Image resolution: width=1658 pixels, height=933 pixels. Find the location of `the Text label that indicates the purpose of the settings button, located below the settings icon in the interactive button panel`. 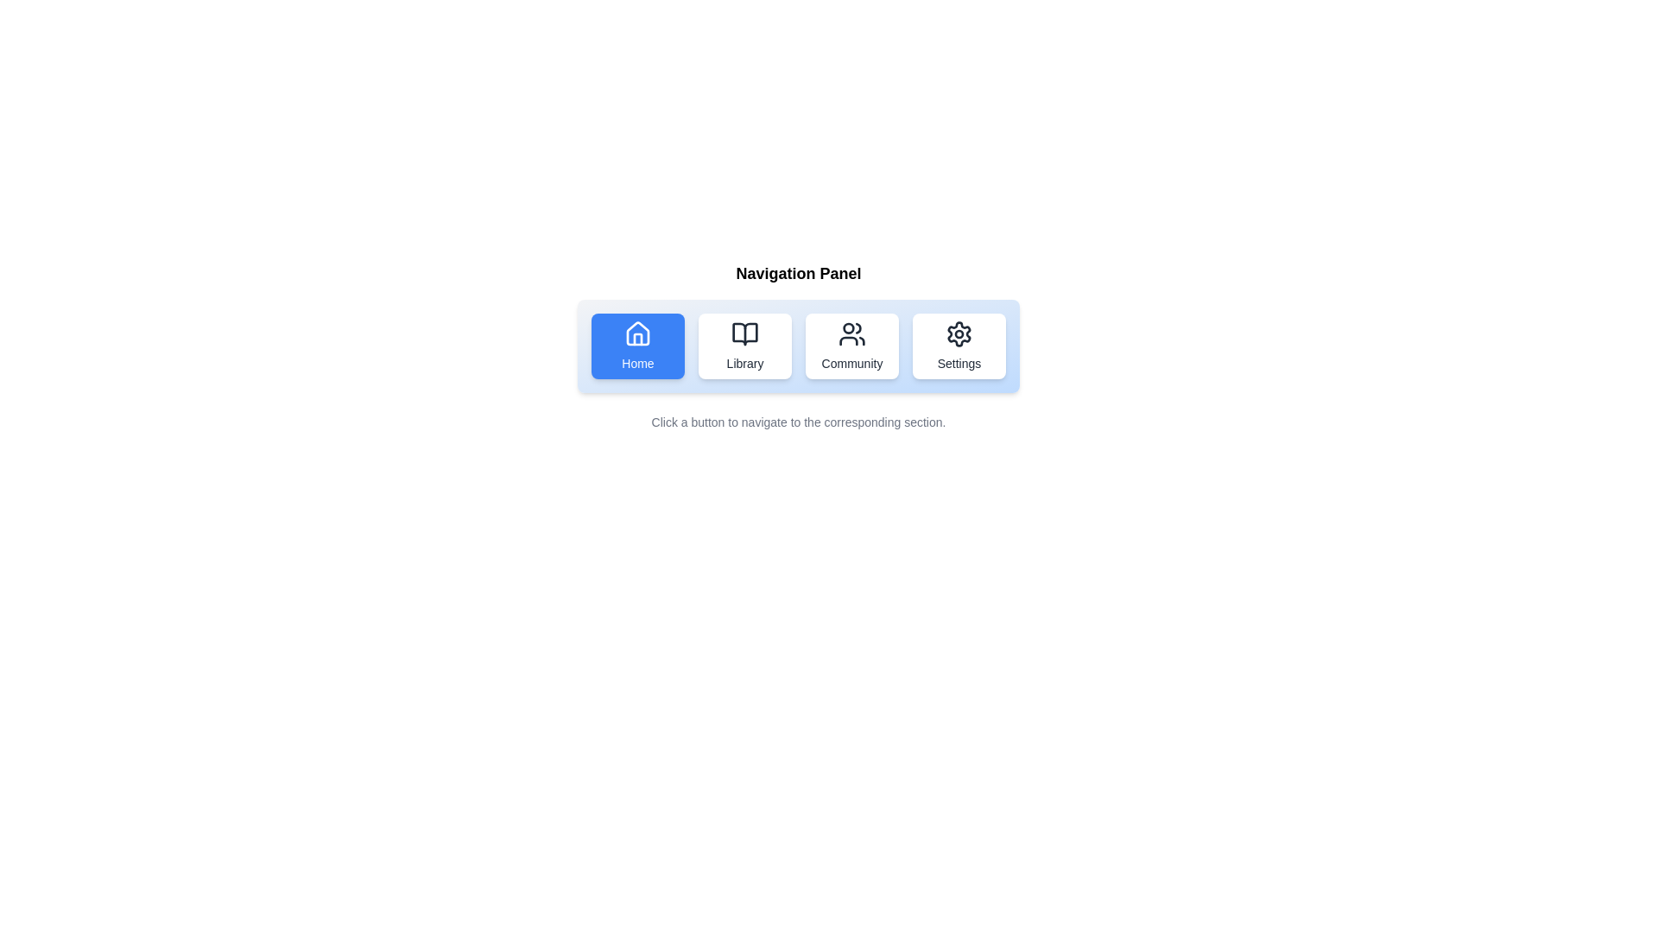

the Text label that indicates the purpose of the settings button, located below the settings icon in the interactive button panel is located at coordinates (958, 362).